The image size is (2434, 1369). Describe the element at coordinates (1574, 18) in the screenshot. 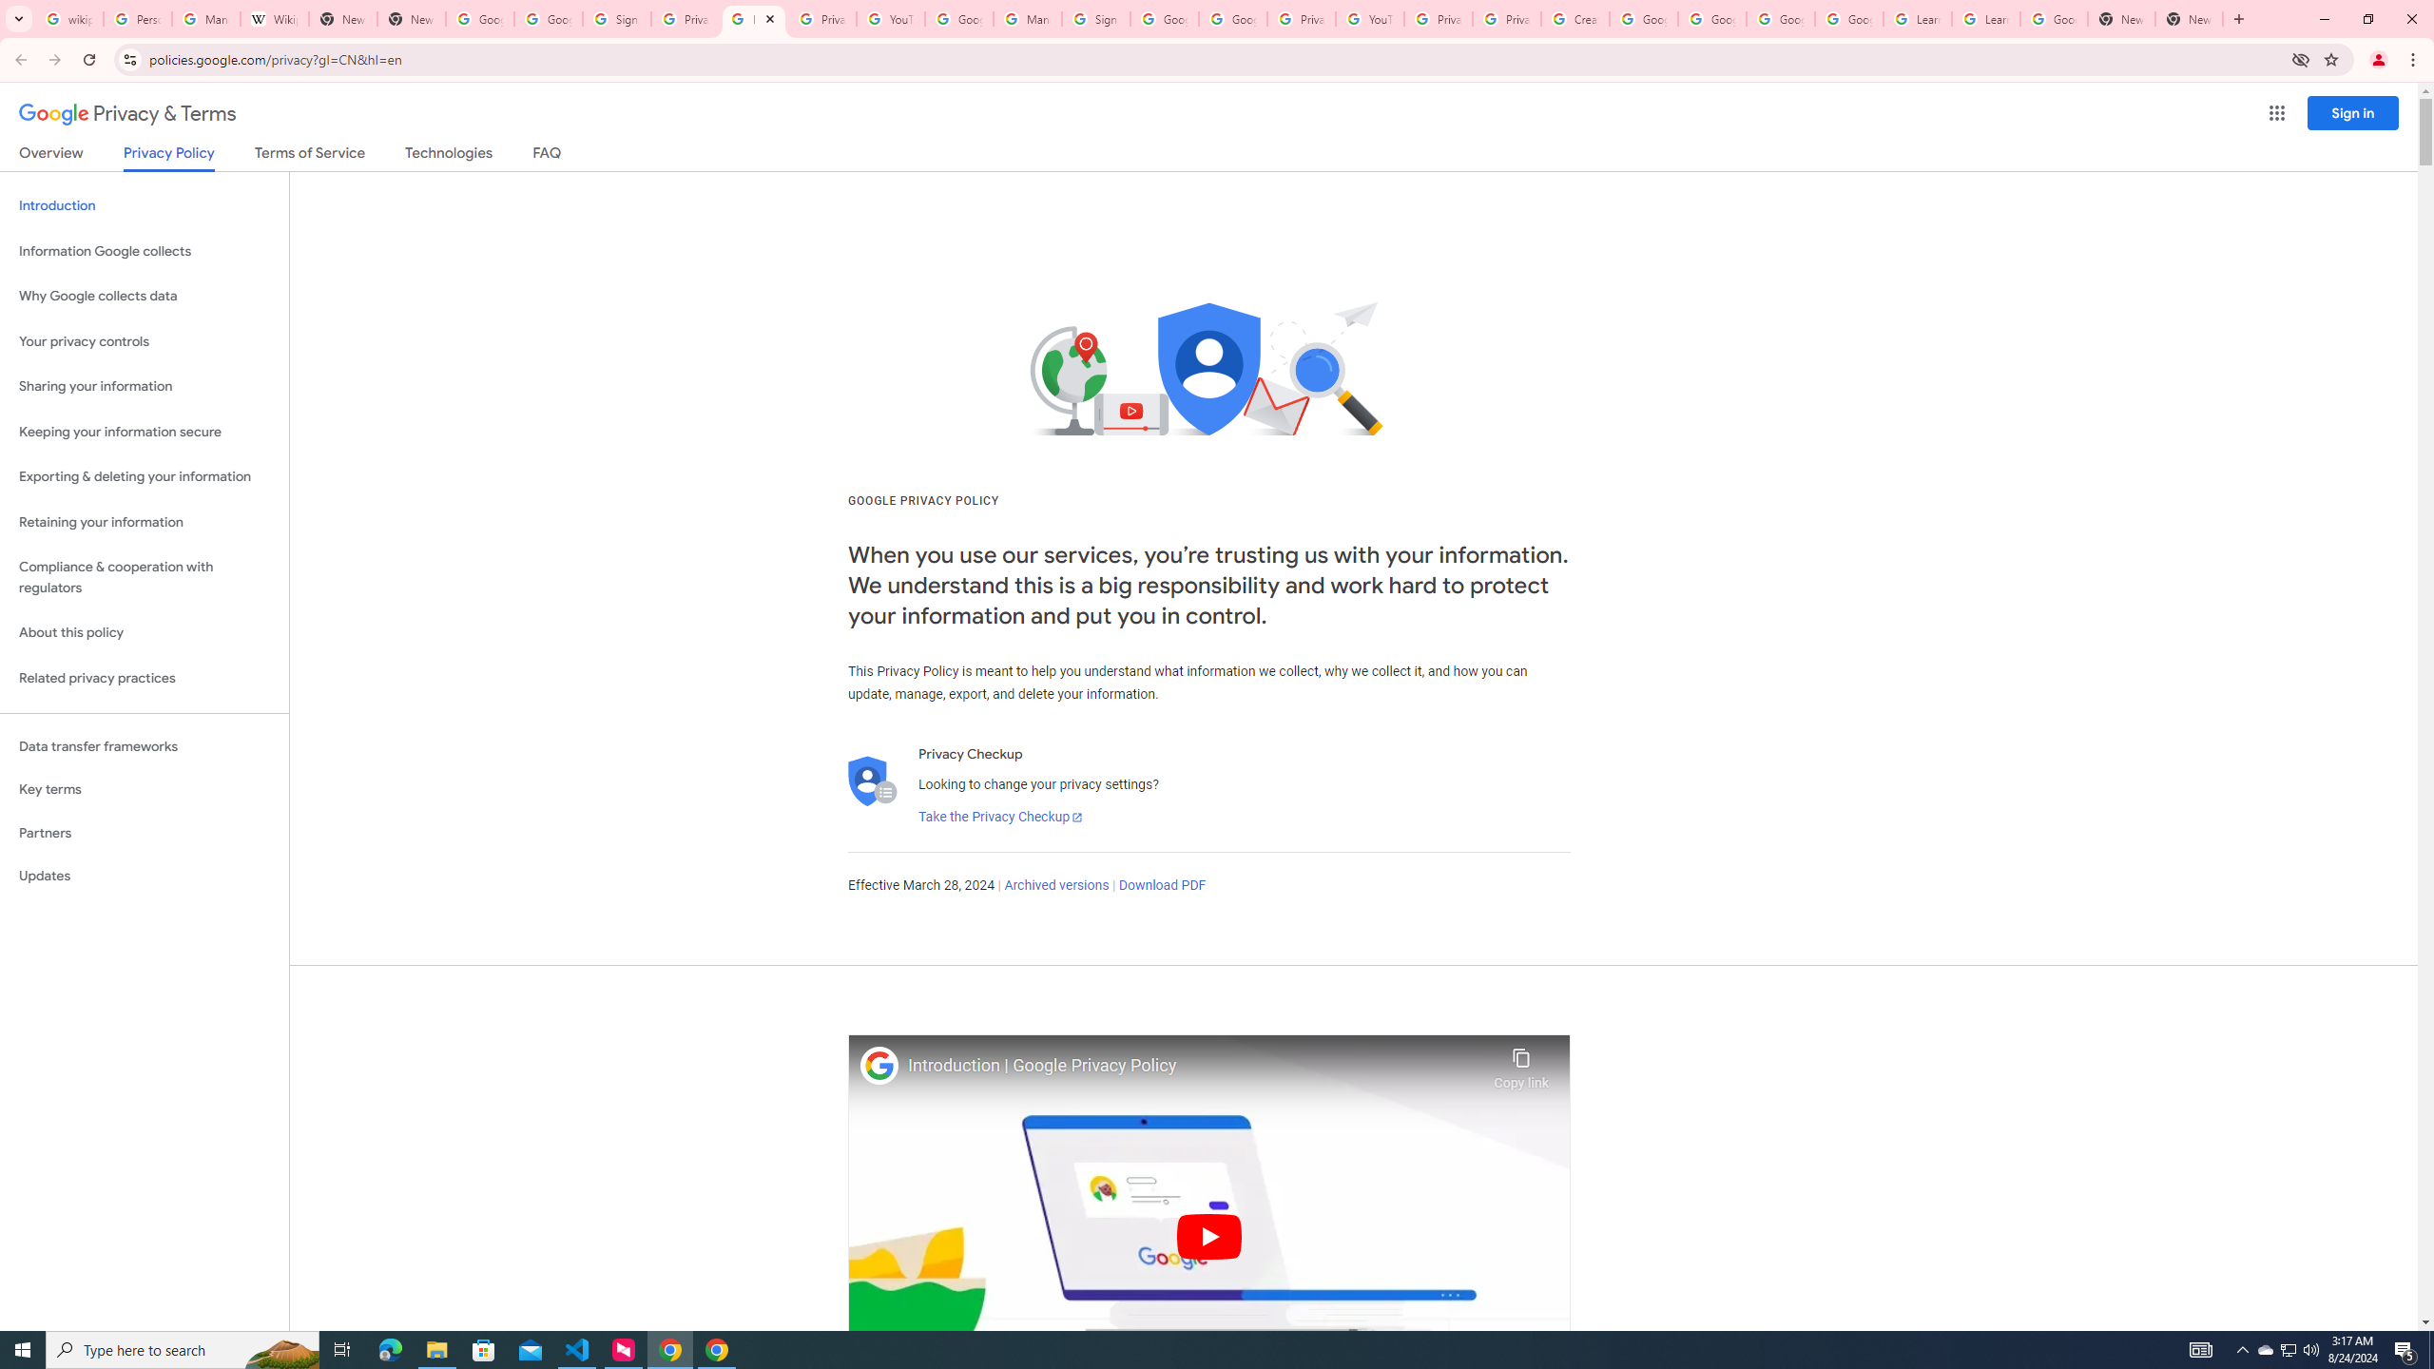

I see `'Create your Google Account'` at that location.